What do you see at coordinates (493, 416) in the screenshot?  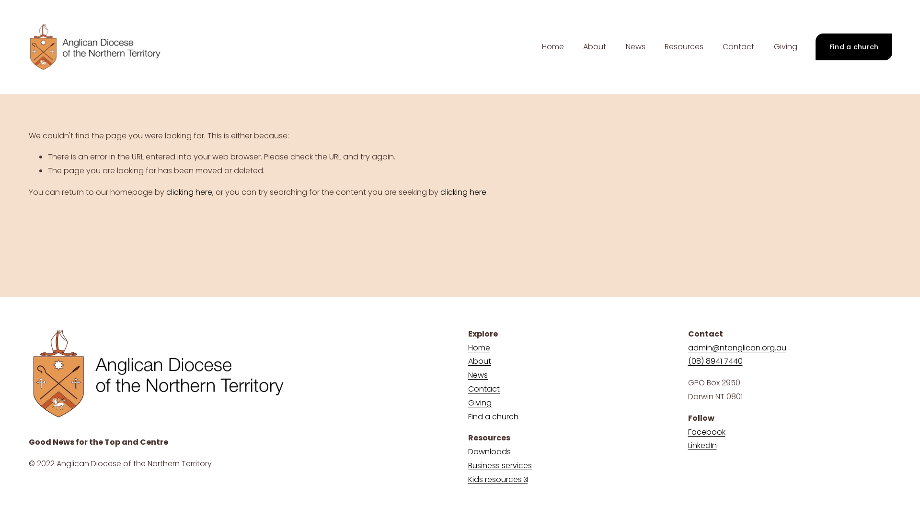 I see `'Find a church'` at bounding box center [493, 416].